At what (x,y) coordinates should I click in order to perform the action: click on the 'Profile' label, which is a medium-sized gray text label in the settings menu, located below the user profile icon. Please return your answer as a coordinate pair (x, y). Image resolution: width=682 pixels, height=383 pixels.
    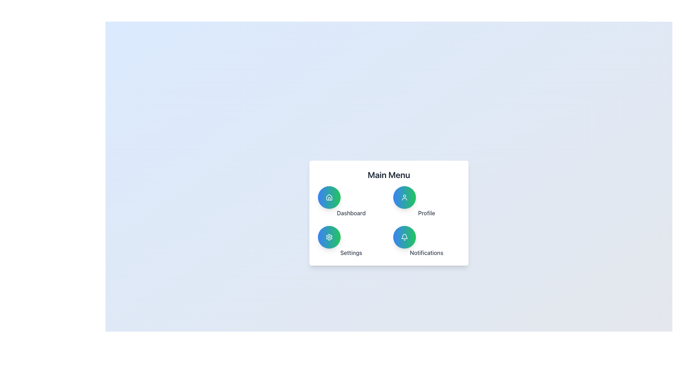
    Looking at the image, I should click on (426, 213).